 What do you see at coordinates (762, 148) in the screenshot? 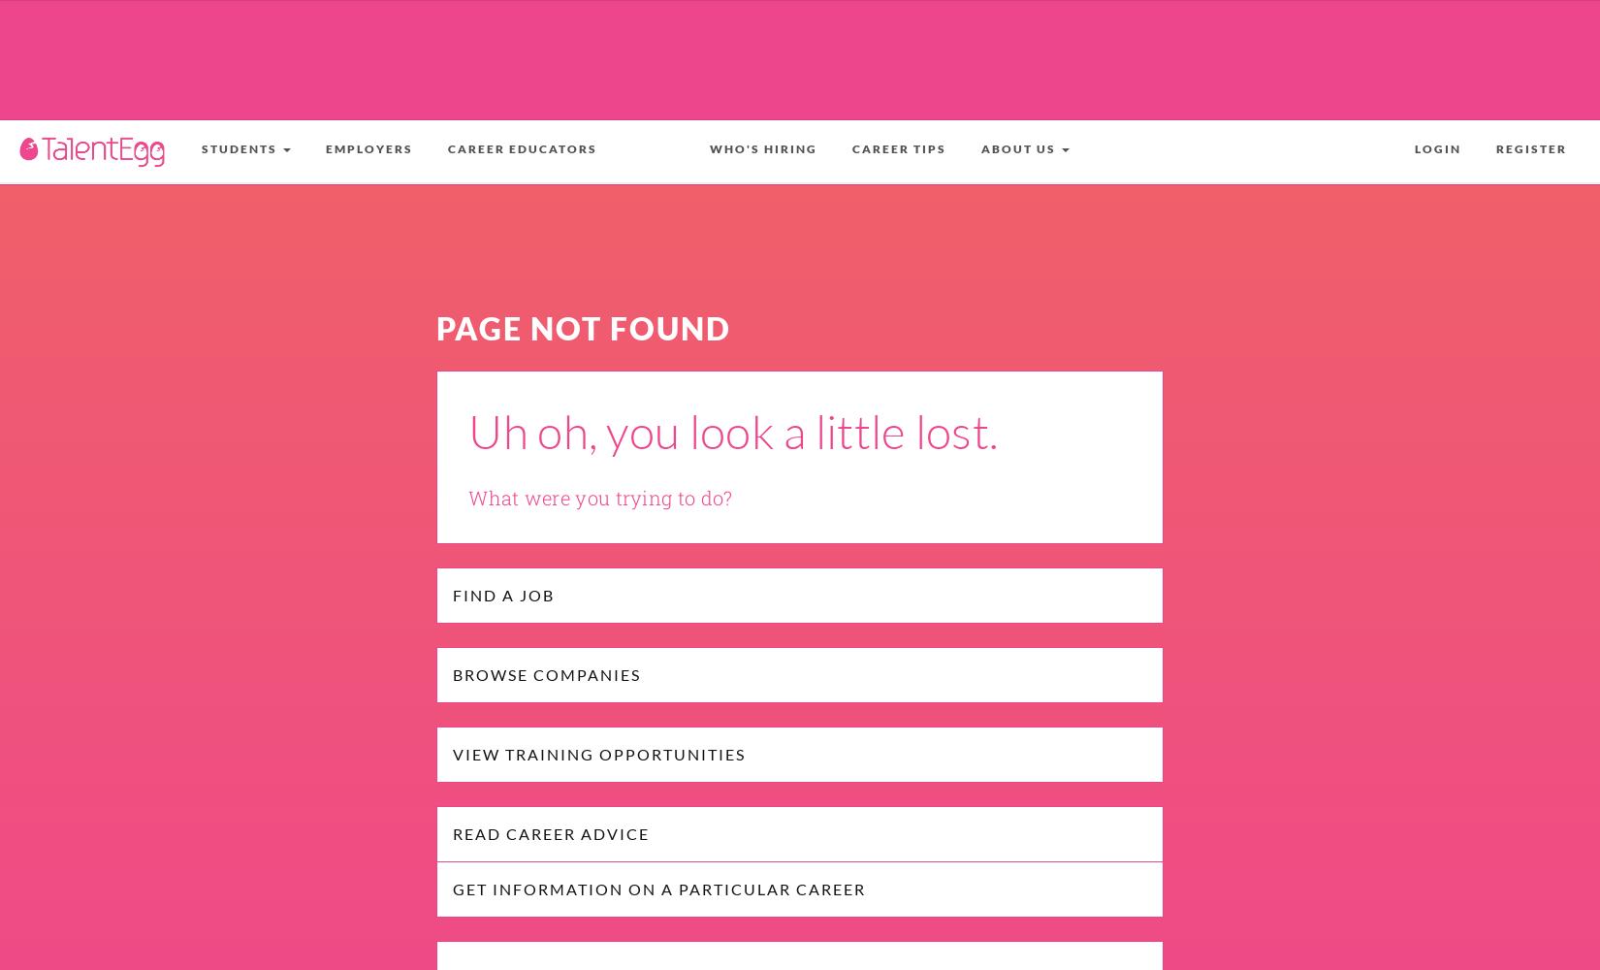
I see `'Who's Hiring'` at bounding box center [762, 148].